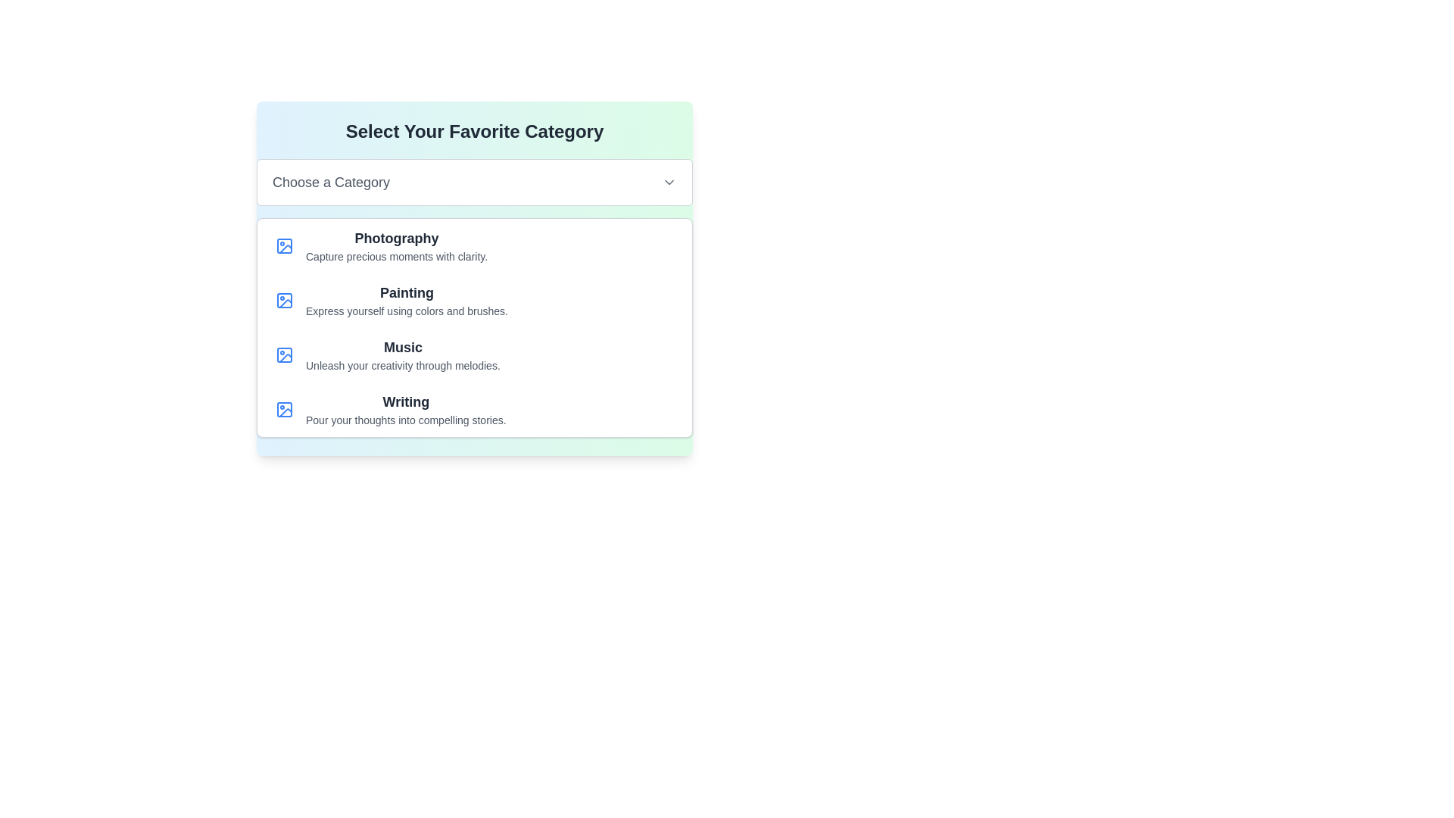 Image resolution: width=1454 pixels, height=818 pixels. Describe the element at coordinates (397, 256) in the screenshot. I see `the informational text located underneath the 'Photography' heading within the first item of the selectable list` at that location.